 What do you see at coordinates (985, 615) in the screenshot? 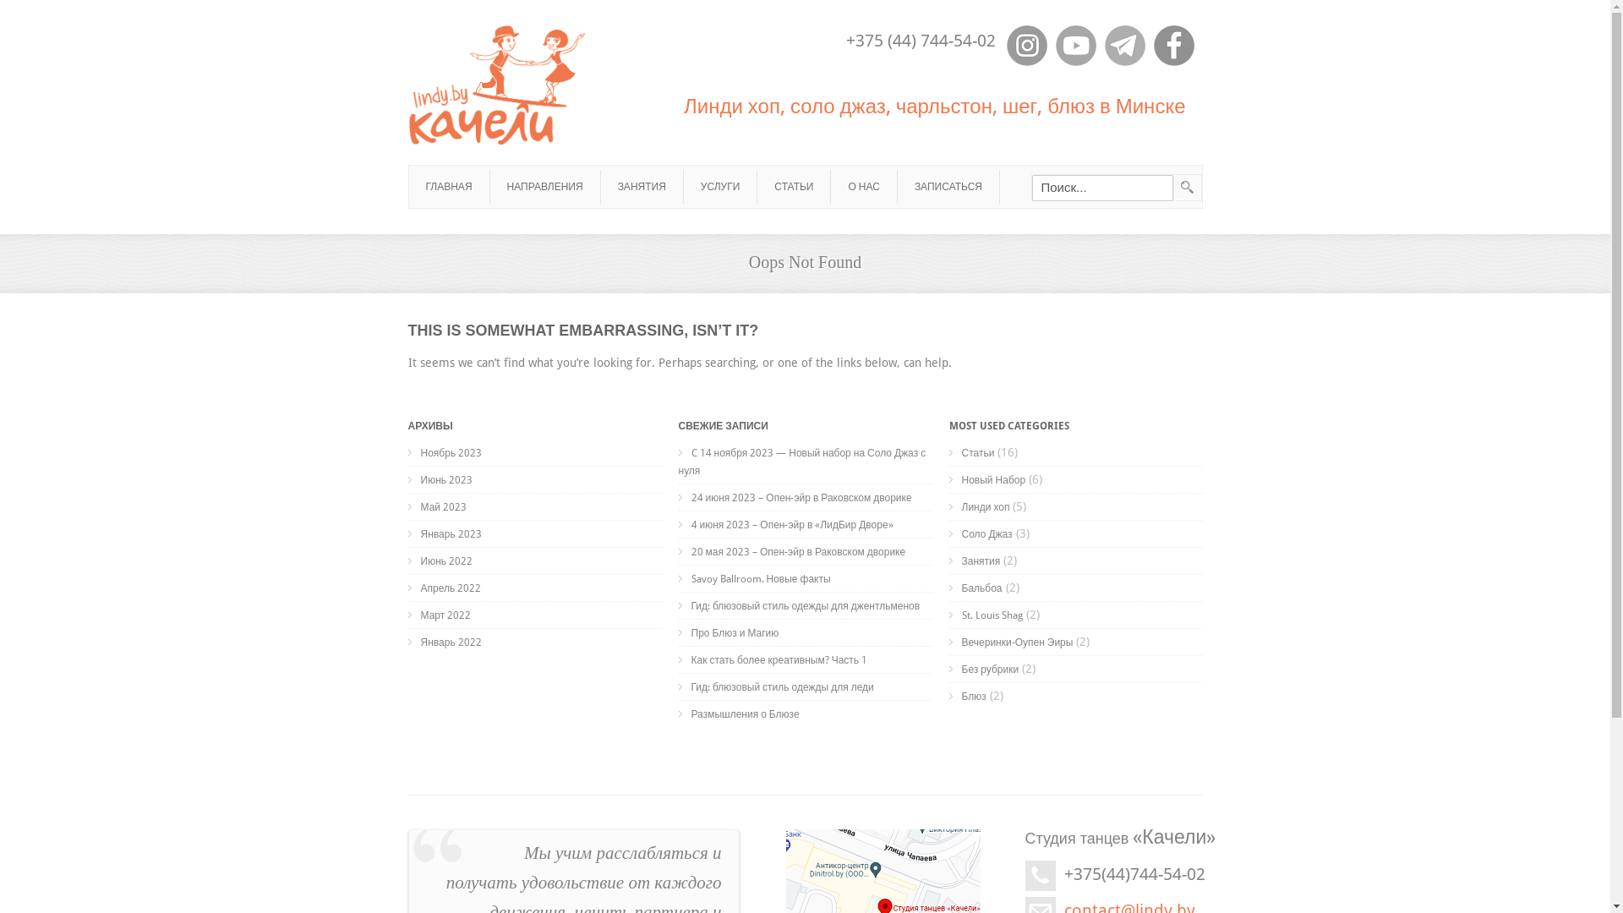
I see `'St. Louis Shag'` at bounding box center [985, 615].